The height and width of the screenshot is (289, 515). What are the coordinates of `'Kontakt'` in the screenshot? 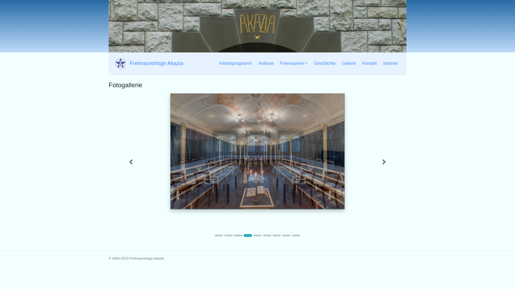 It's located at (369, 63).